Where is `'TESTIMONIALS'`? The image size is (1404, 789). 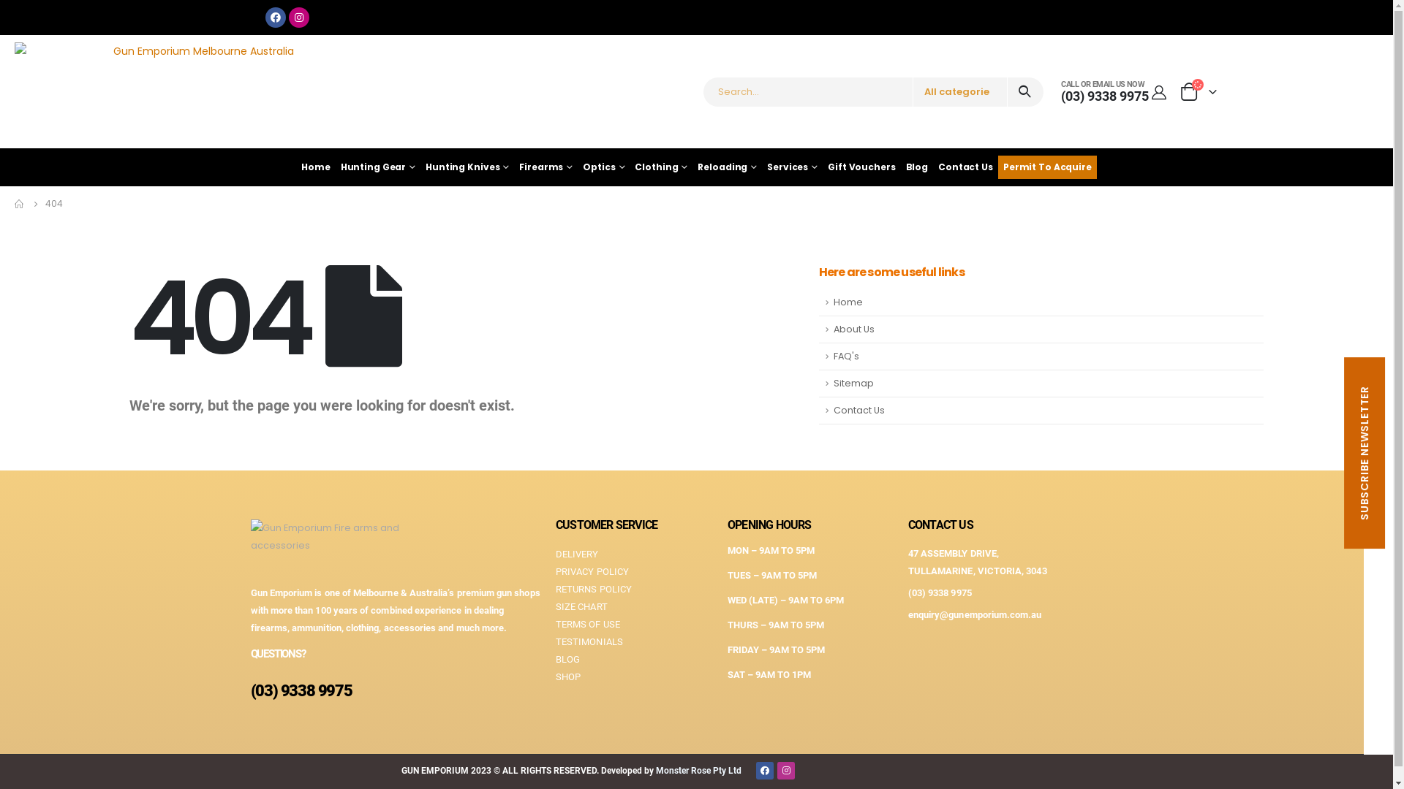 'TESTIMONIALS' is located at coordinates (554, 641).